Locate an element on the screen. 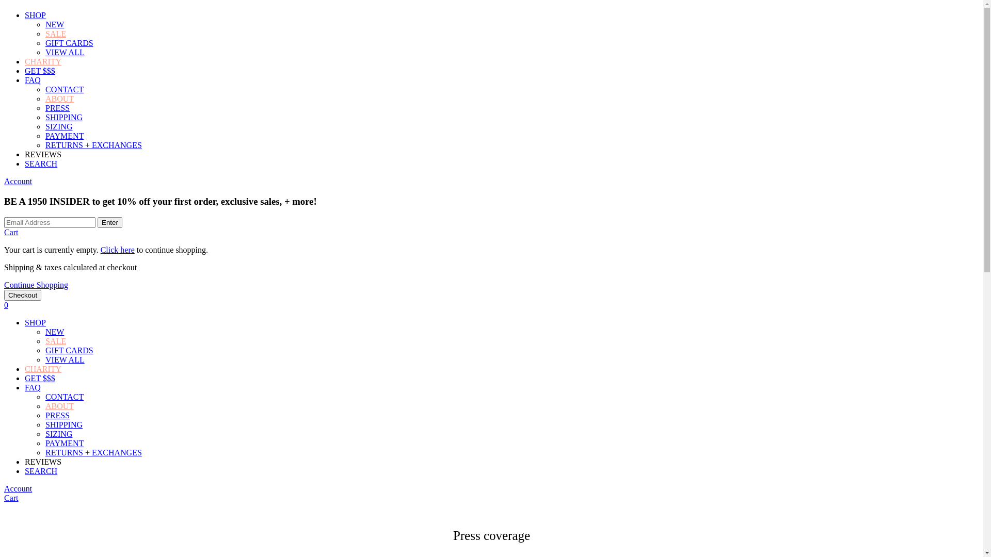  'Account' is located at coordinates (18, 488).